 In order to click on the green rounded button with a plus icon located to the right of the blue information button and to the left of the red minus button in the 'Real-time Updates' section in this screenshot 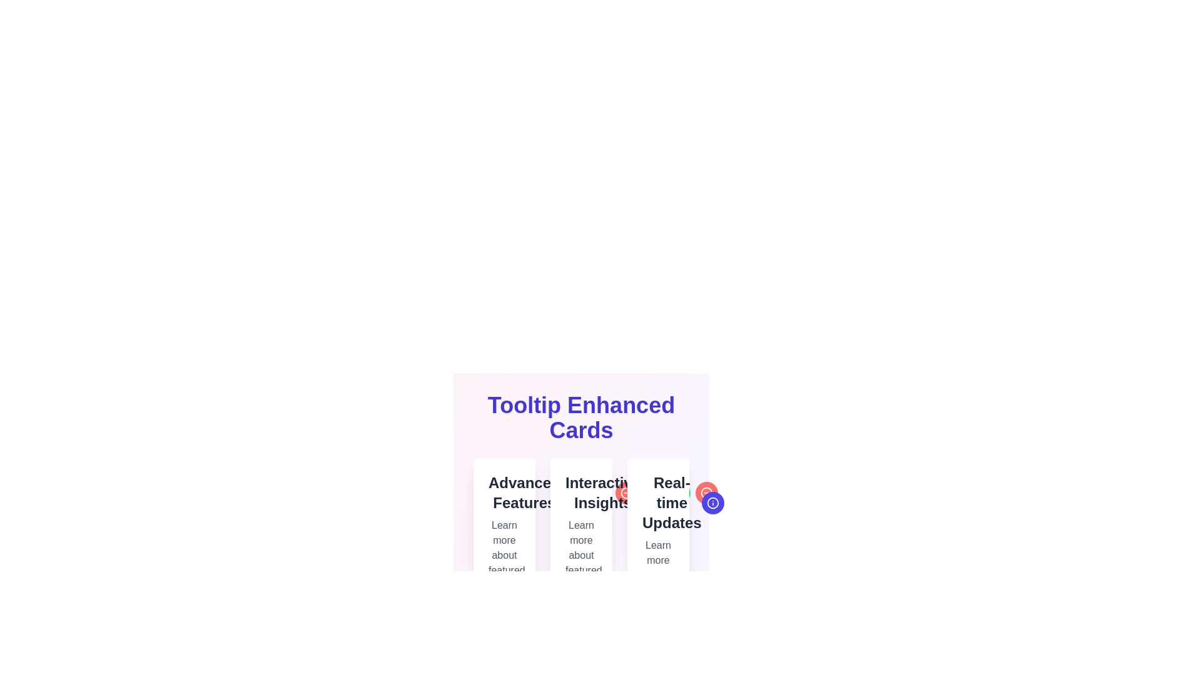, I will do `click(740, 502)`.